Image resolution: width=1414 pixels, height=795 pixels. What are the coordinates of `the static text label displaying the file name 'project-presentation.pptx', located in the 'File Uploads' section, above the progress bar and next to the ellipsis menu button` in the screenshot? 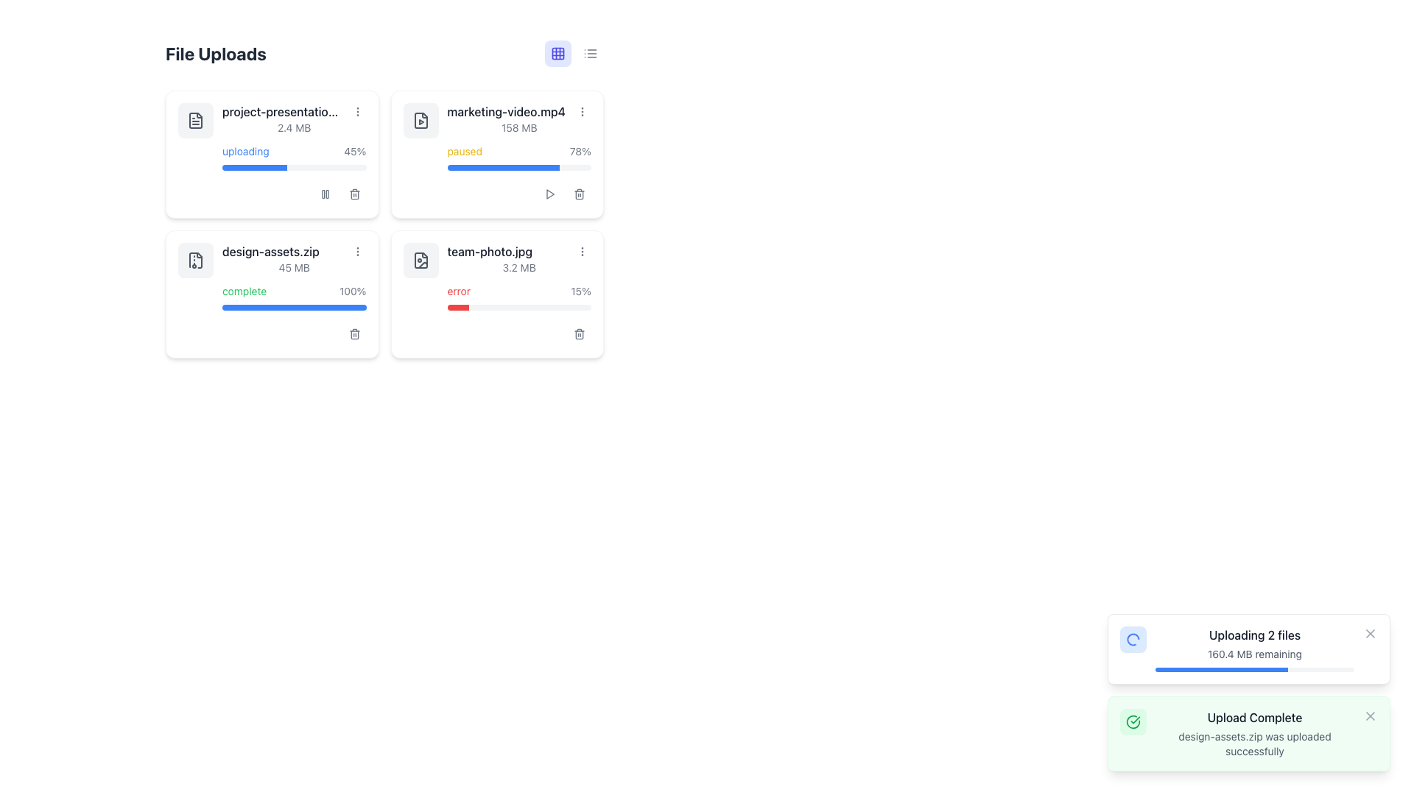 It's located at (282, 110).